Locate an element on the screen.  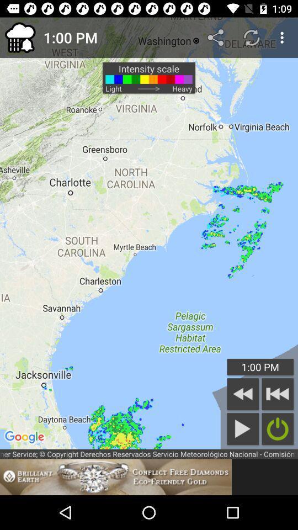
play option is located at coordinates (243, 428).